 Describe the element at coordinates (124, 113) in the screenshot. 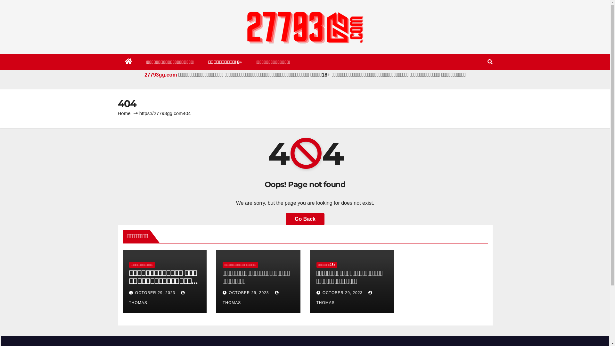

I see `'Home'` at that location.